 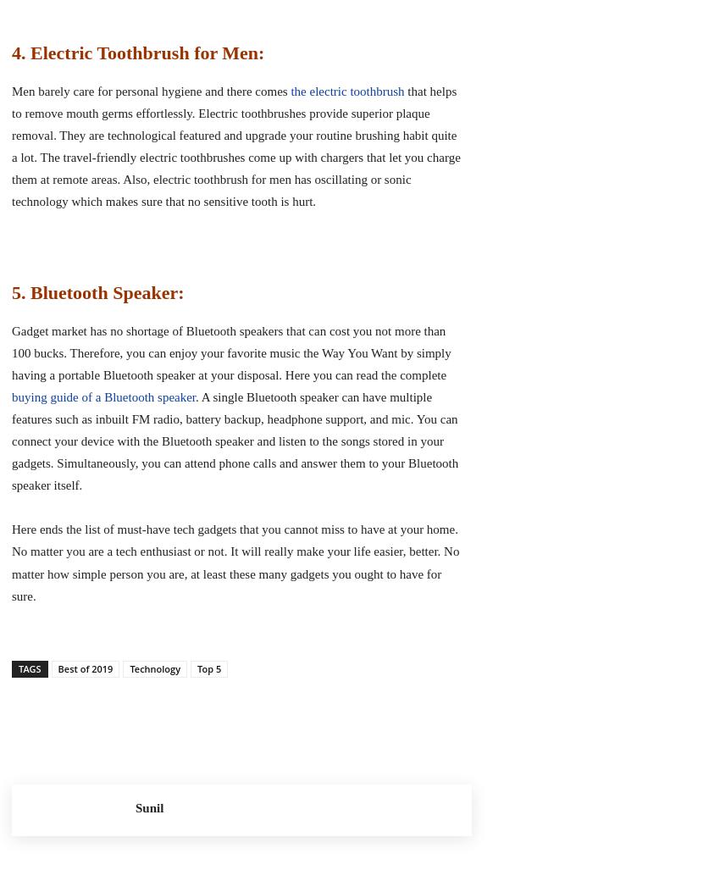 I want to click on '4. Electric Toothbrush for Men:', so click(x=138, y=51).